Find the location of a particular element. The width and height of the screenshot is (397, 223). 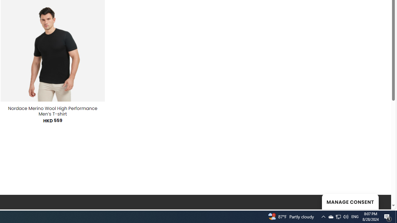

'Go to top' is located at coordinates (378, 201).